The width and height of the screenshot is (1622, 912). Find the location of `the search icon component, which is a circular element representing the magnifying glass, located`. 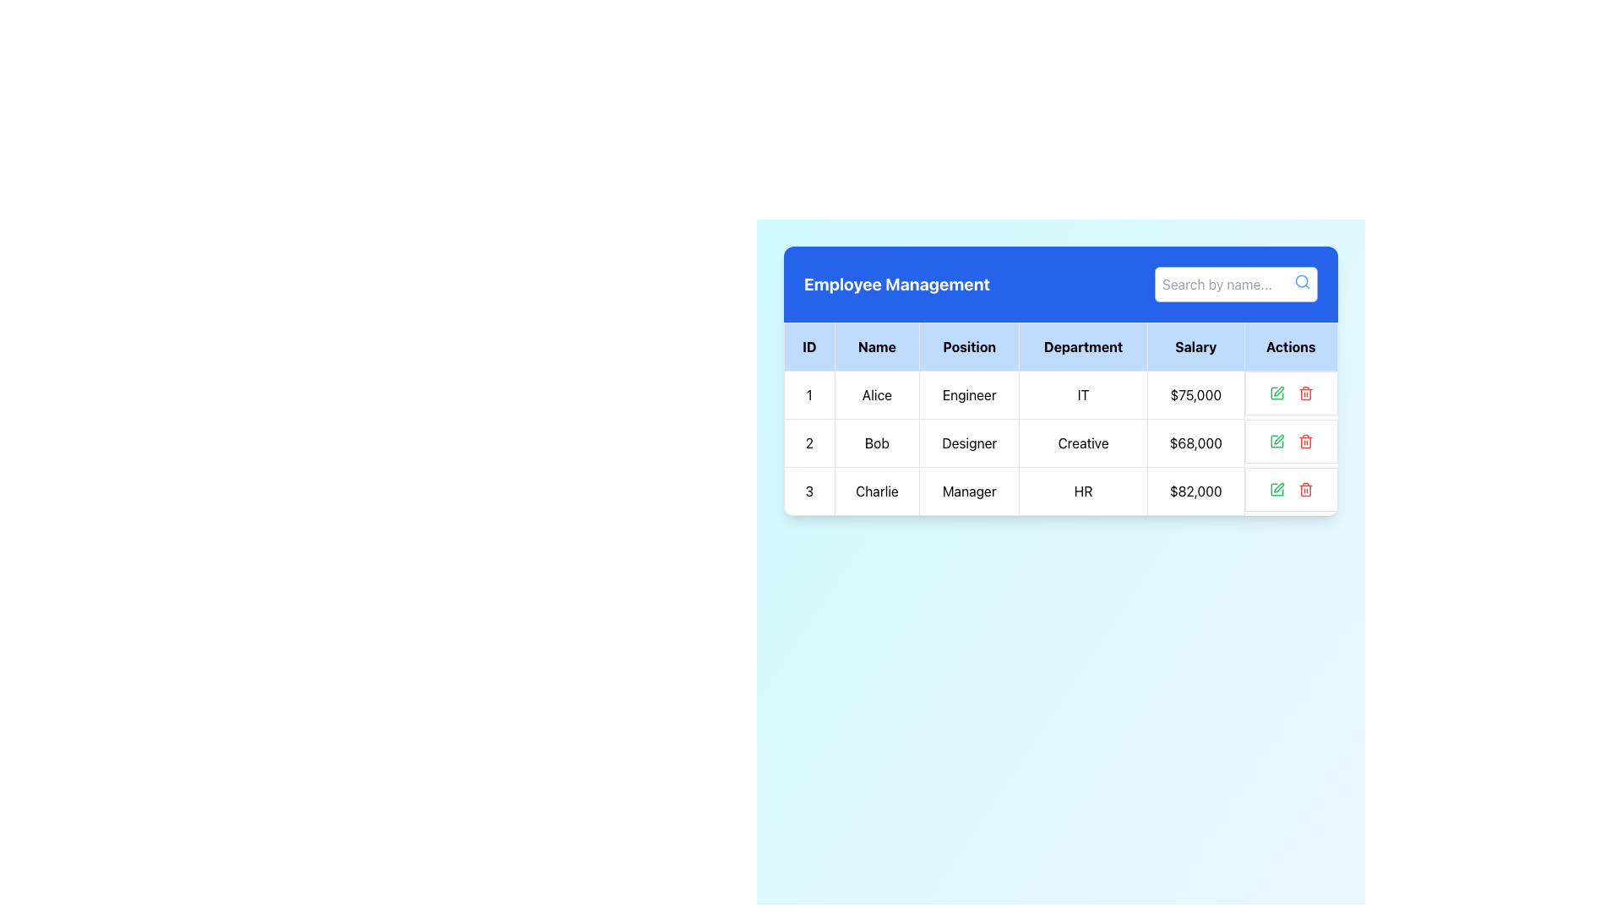

the search icon component, which is a circular element representing the magnifying glass, located is located at coordinates (1300, 280).